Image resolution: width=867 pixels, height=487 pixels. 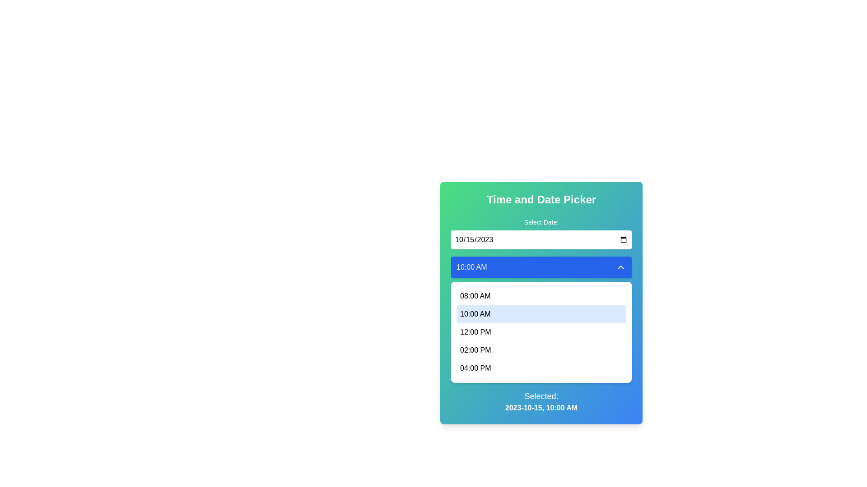 I want to click on the '10:00 AM' option, so click(x=475, y=314).